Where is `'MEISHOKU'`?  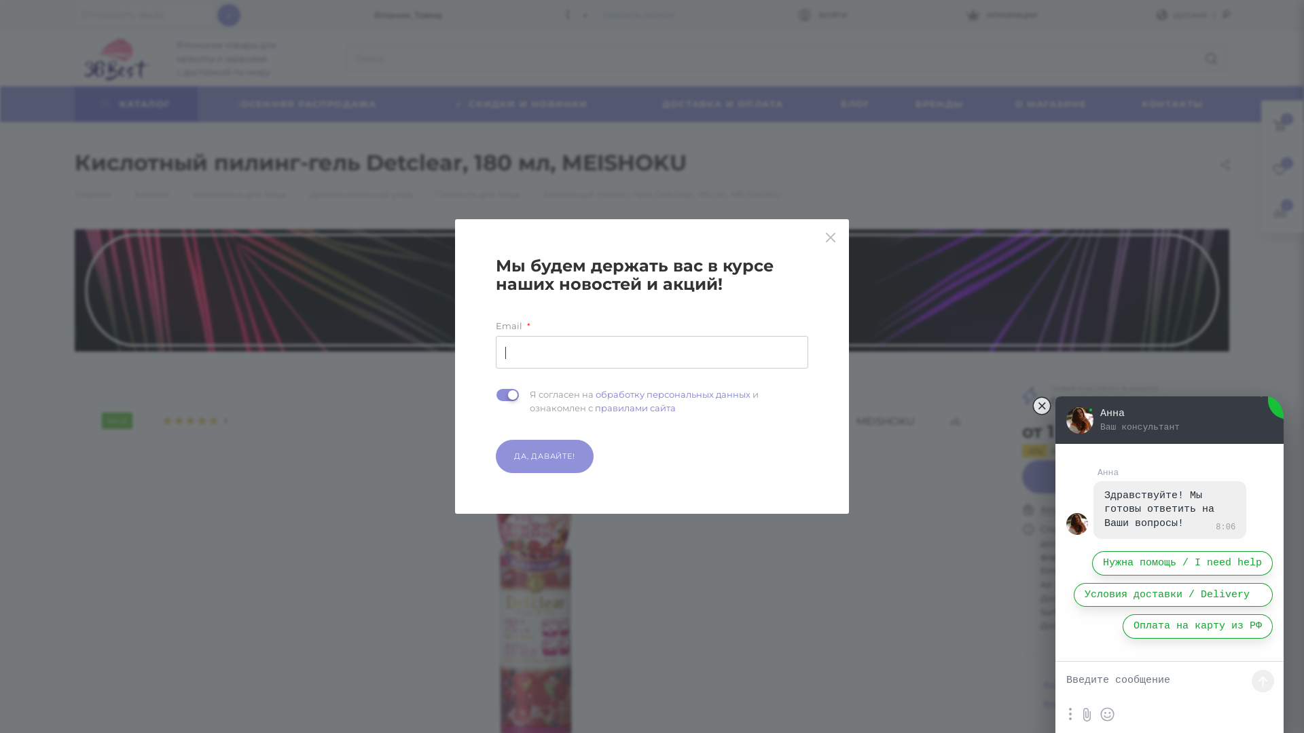 'MEISHOKU' is located at coordinates (886, 420).